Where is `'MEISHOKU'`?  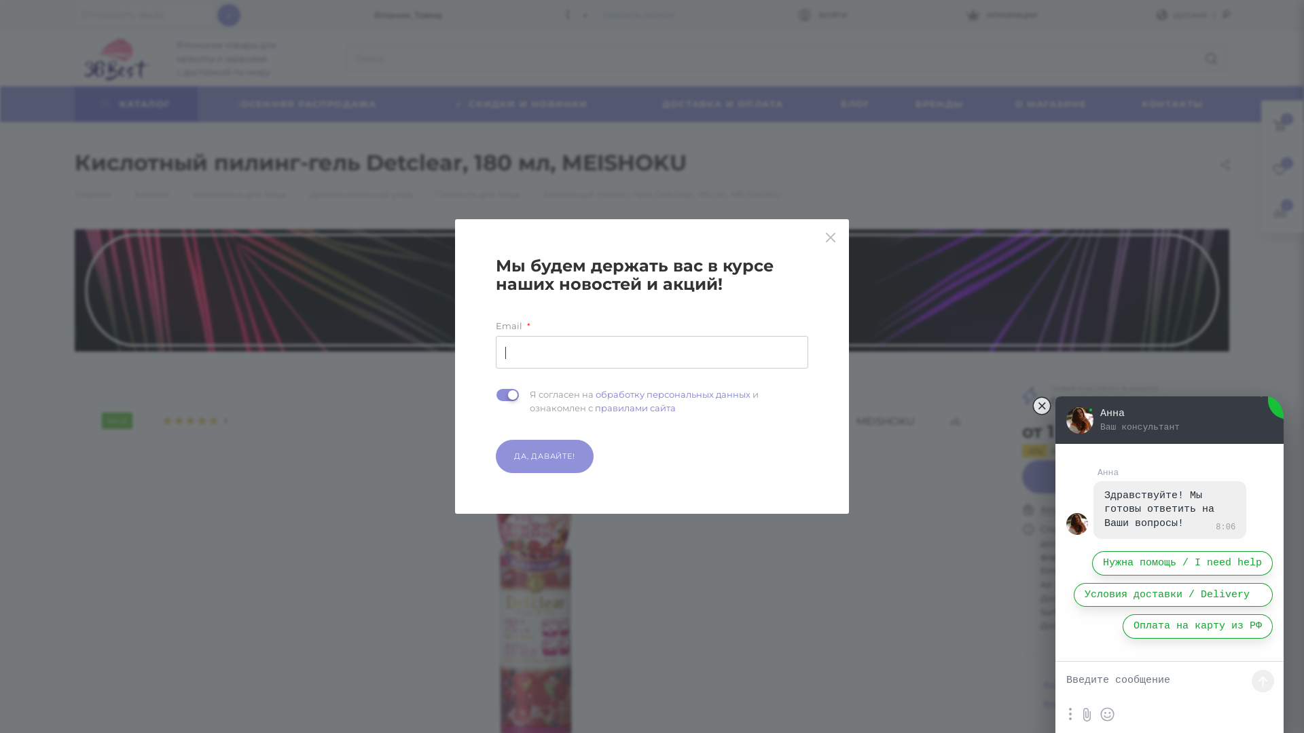 'MEISHOKU' is located at coordinates (886, 420).